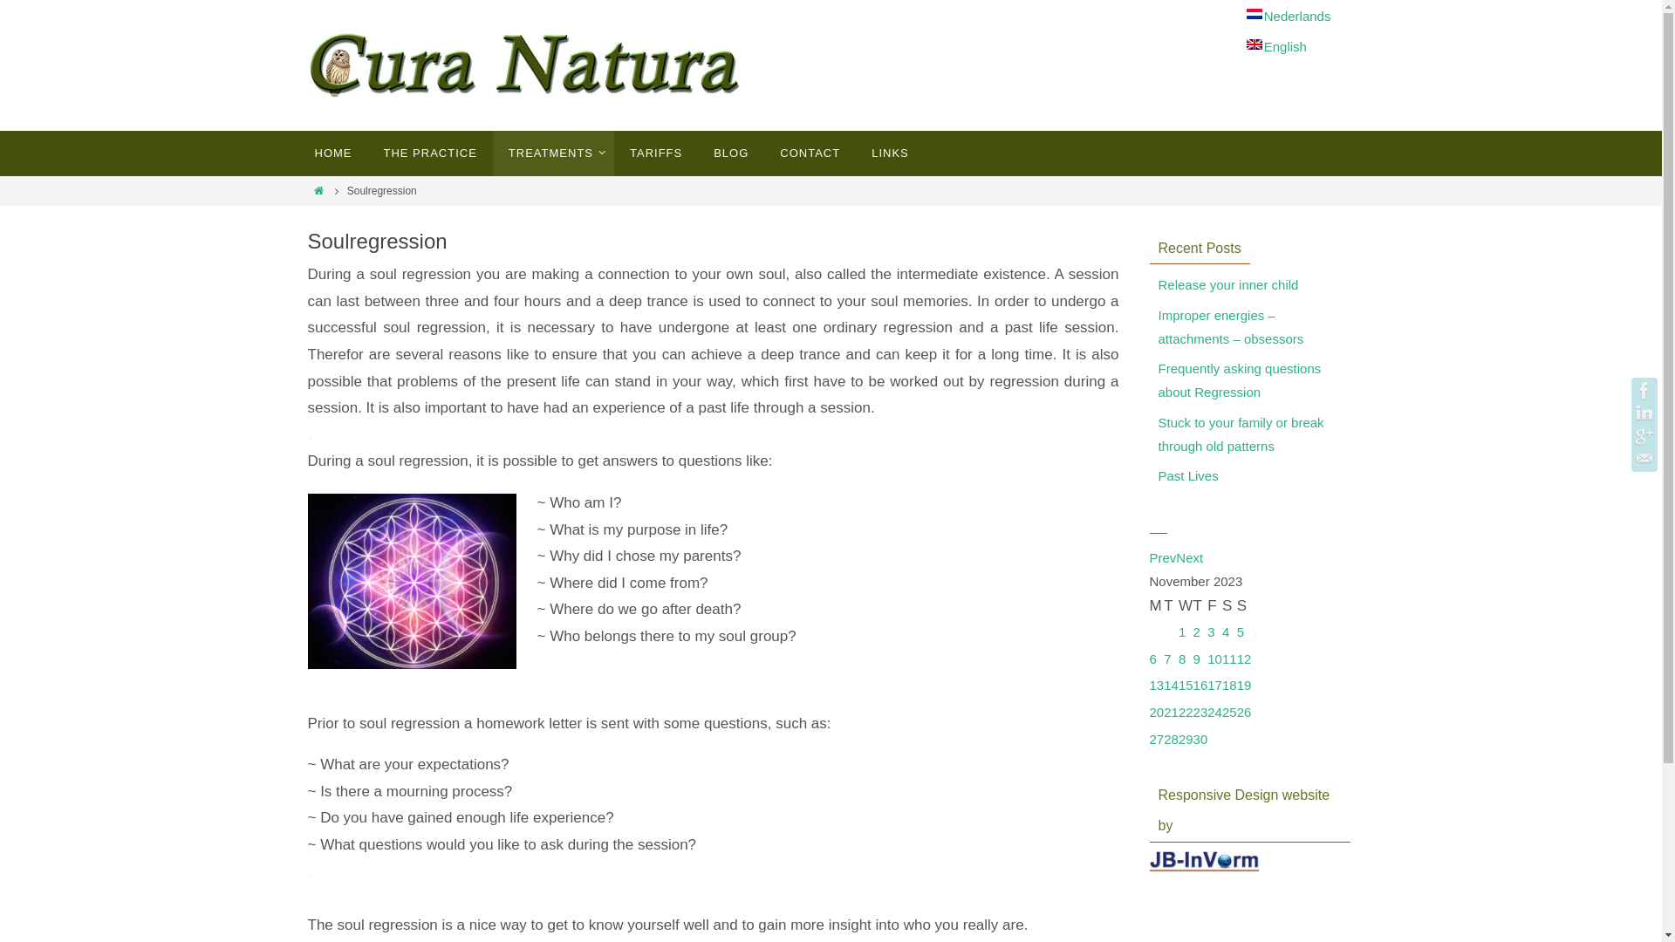  I want to click on 'CONTACT', so click(809, 153).